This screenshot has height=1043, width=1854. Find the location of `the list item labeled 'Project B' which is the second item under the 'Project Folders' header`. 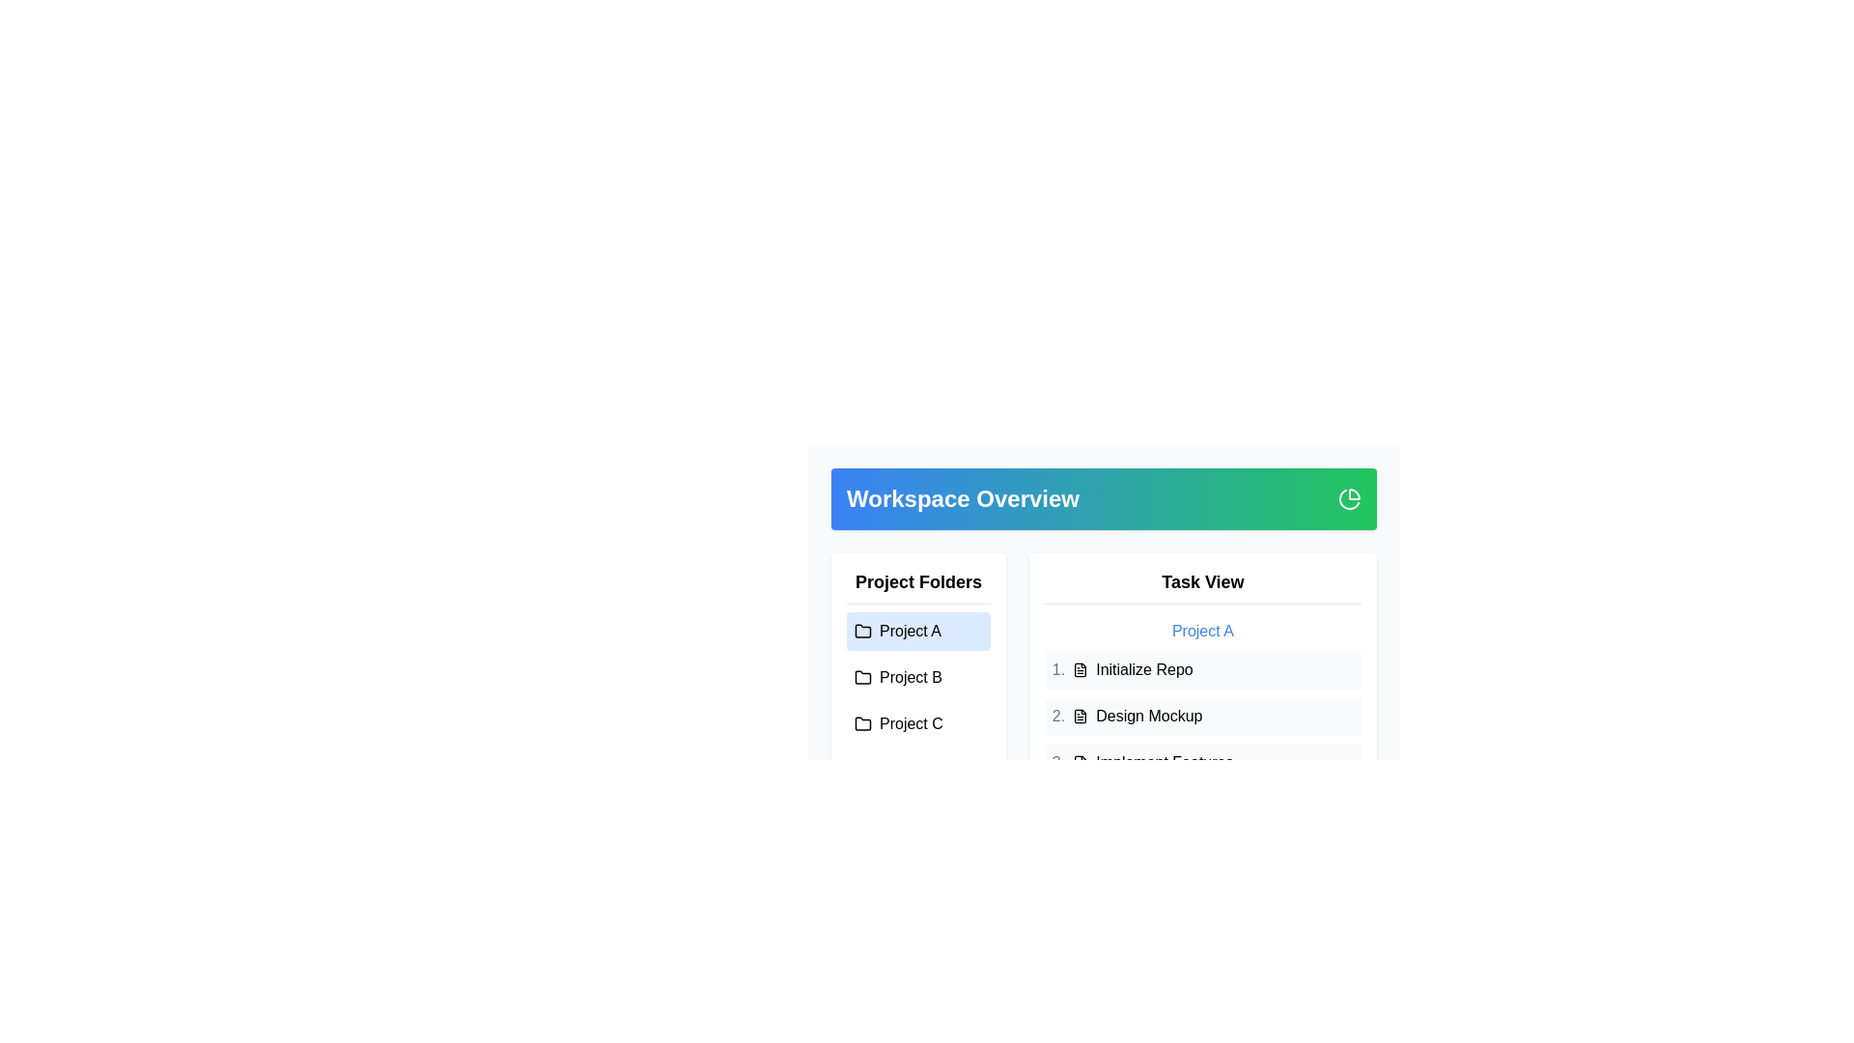

the list item labeled 'Project B' which is the second item under the 'Project Folders' header is located at coordinates (917, 677).